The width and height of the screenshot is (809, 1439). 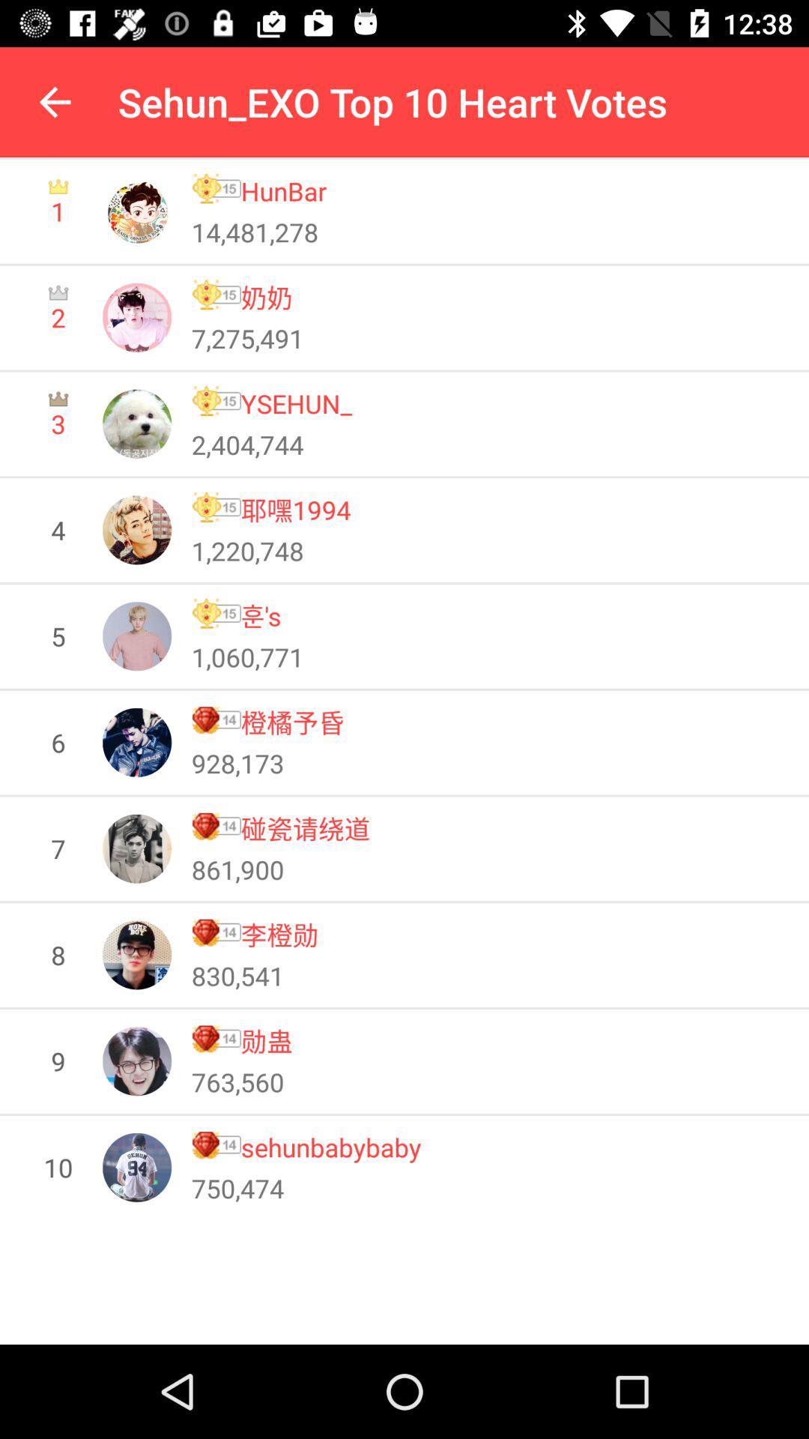 What do you see at coordinates (279, 934) in the screenshot?
I see `the item above 830,541` at bounding box center [279, 934].